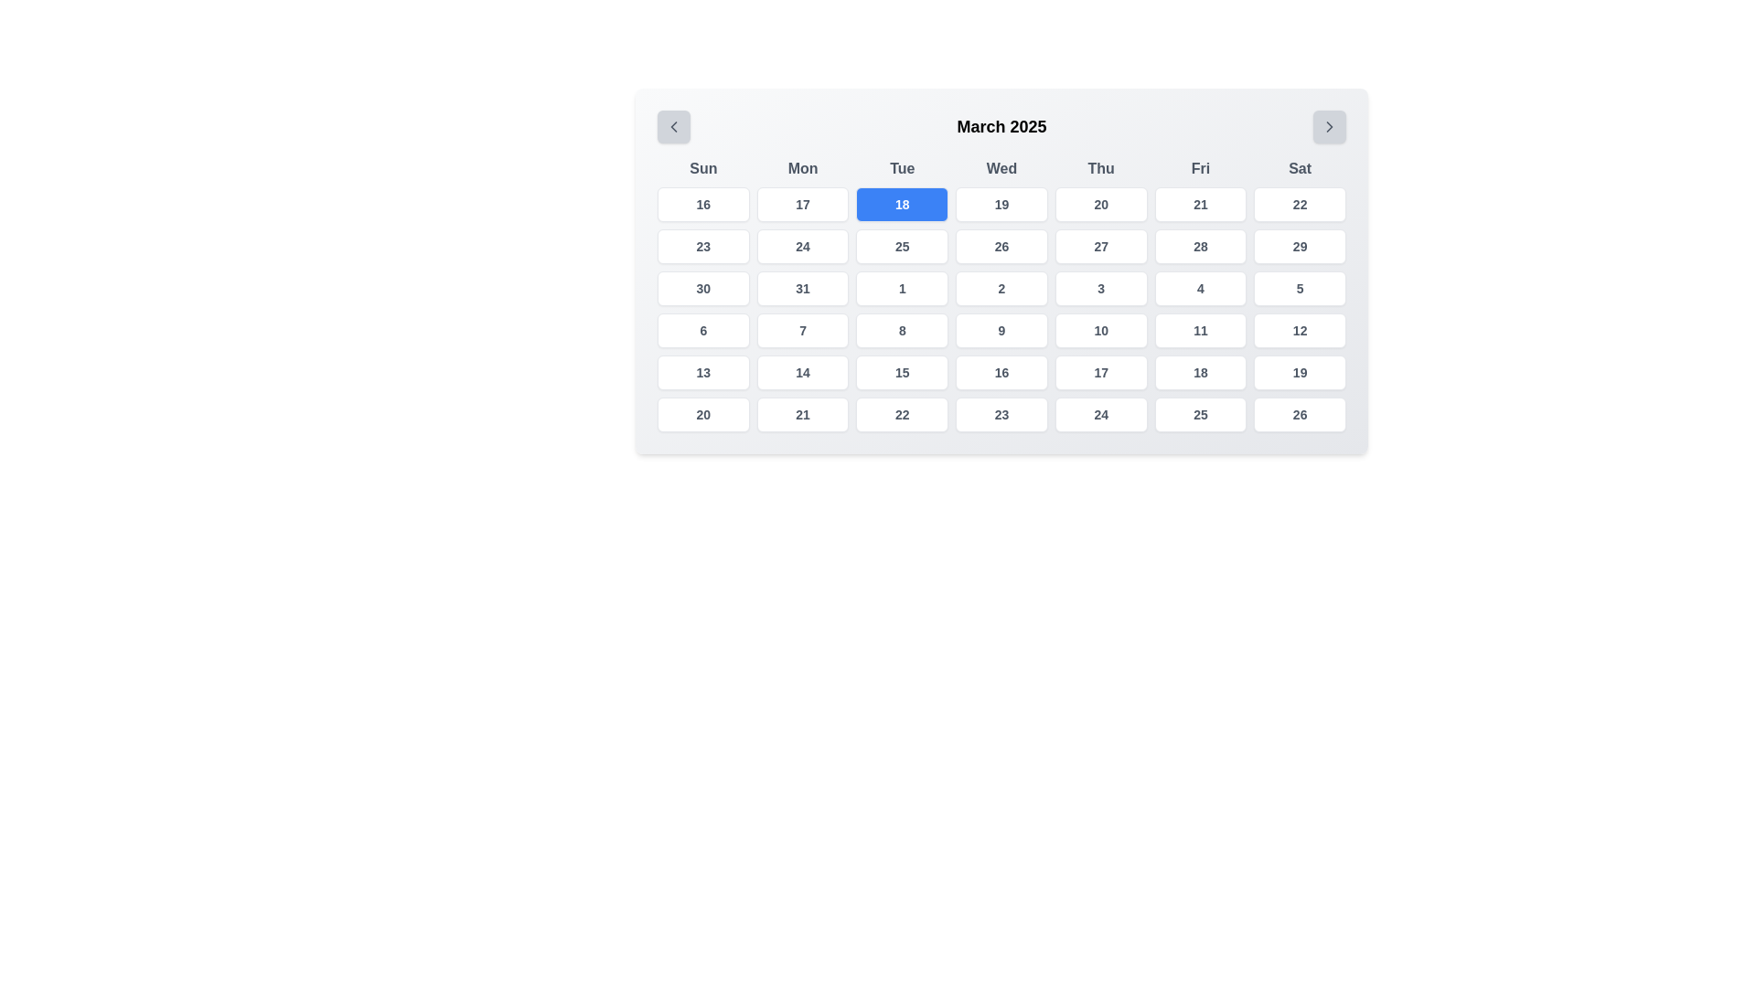  Describe the element at coordinates (1001, 415) in the screenshot. I see `the calendar date element displaying the number '23', which is a static content box with rounded corners, part of a grid layout, located in the fifth row and fourth column below the header 'Wed'` at that location.